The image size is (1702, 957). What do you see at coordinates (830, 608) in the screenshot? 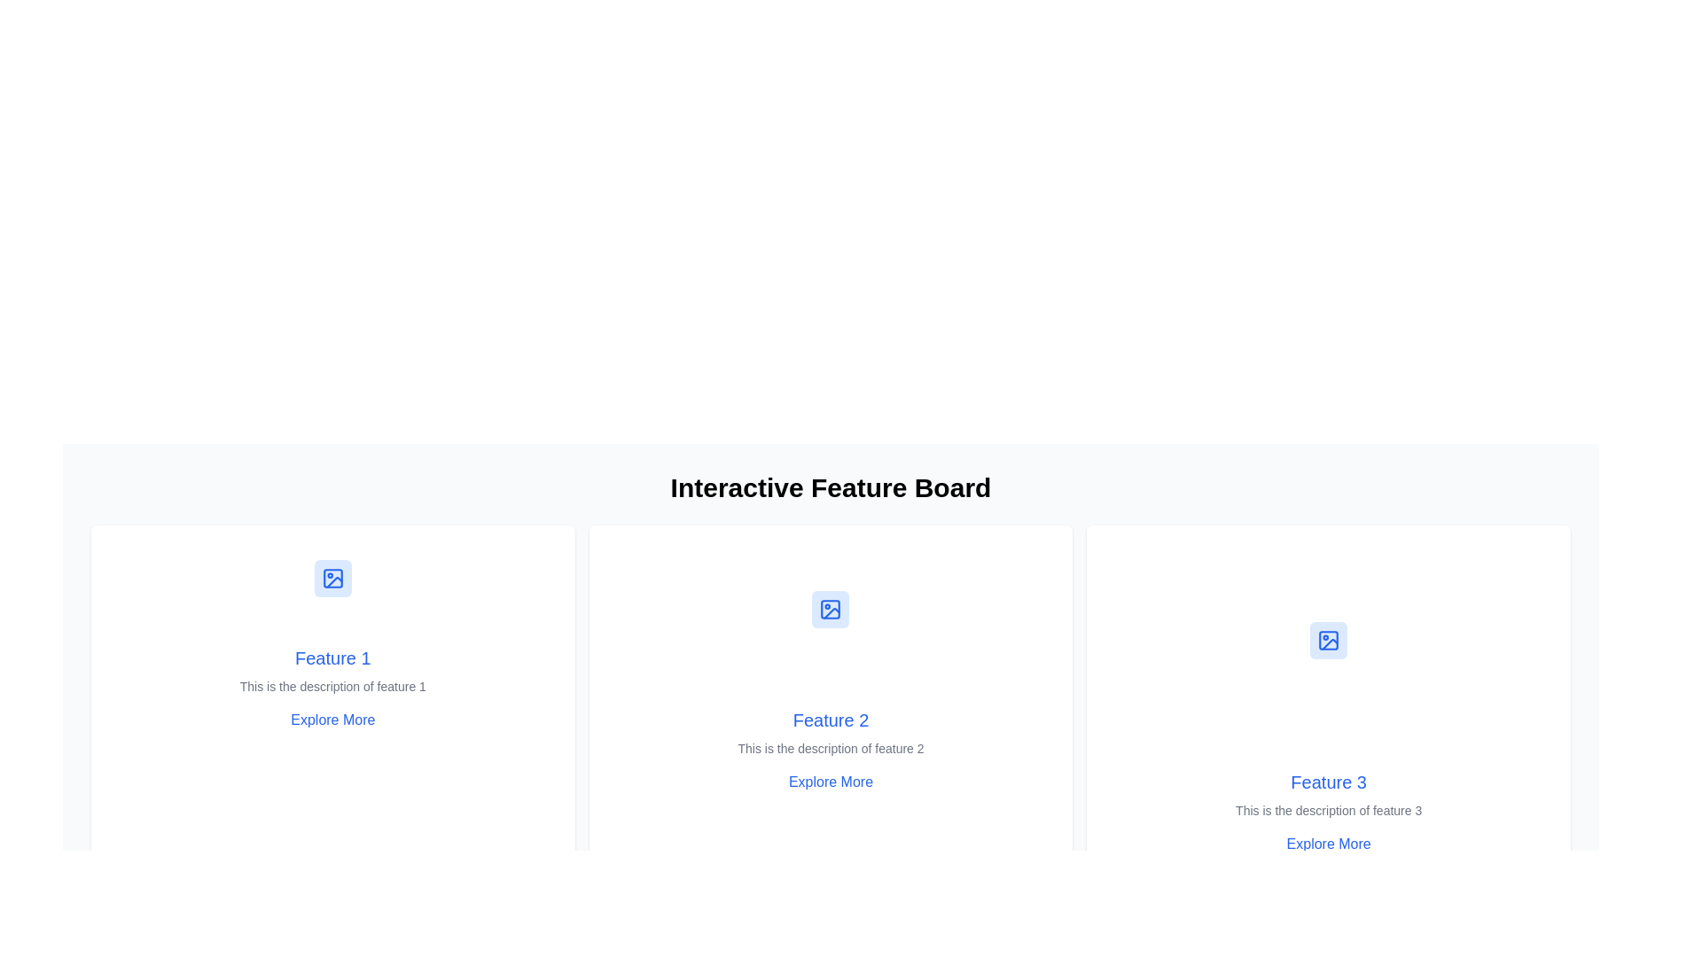
I see `the rectangular element with rounded corners that is centrally positioned within the 'Feature 2' card, which resembles a picture frame` at bounding box center [830, 608].